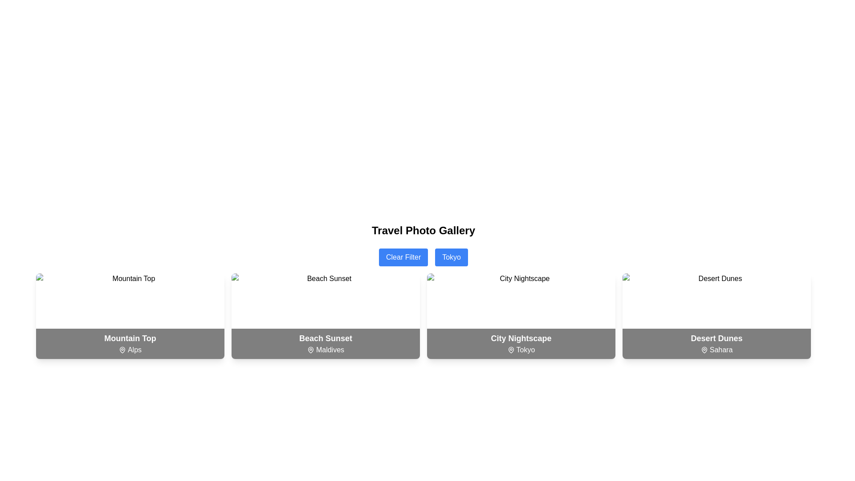 The image size is (855, 481). I want to click on text content of the 'Alps' label located at the bottom of the 'Mountain Top' card, which includes a location pin icon to its left, so click(130, 350).